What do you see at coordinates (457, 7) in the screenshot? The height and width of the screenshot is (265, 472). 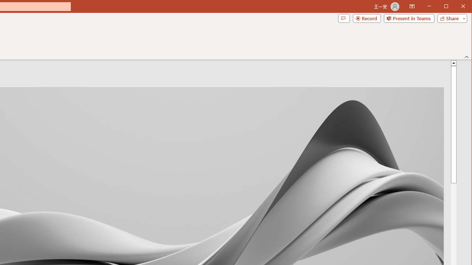 I see `'Maximize'` at bounding box center [457, 7].